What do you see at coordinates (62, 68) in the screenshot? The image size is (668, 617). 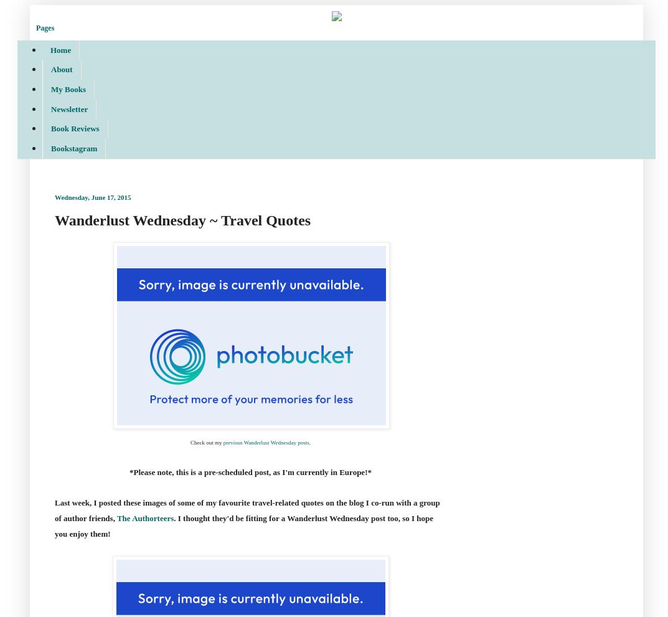 I see `'About'` at bounding box center [62, 68].